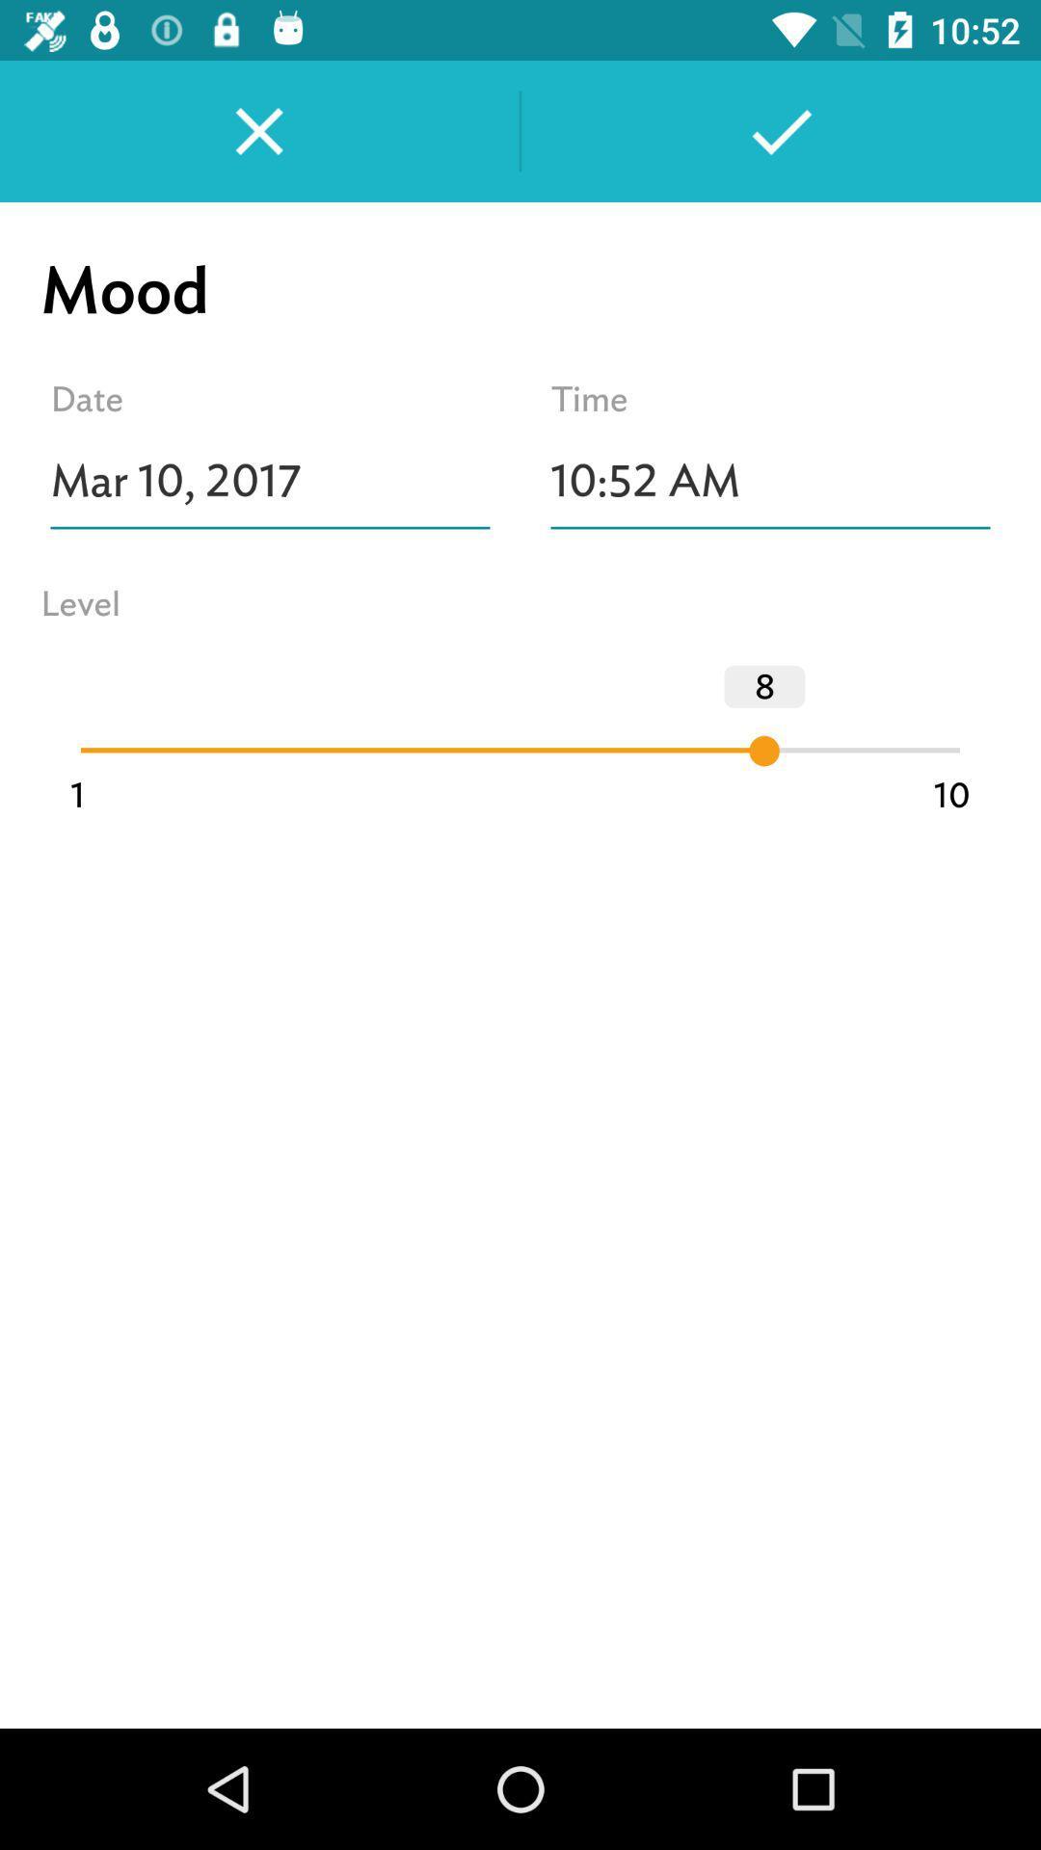  Describe the element at coordinates (769, 481) in the screenshot. I see `1052 am below time` at that location.